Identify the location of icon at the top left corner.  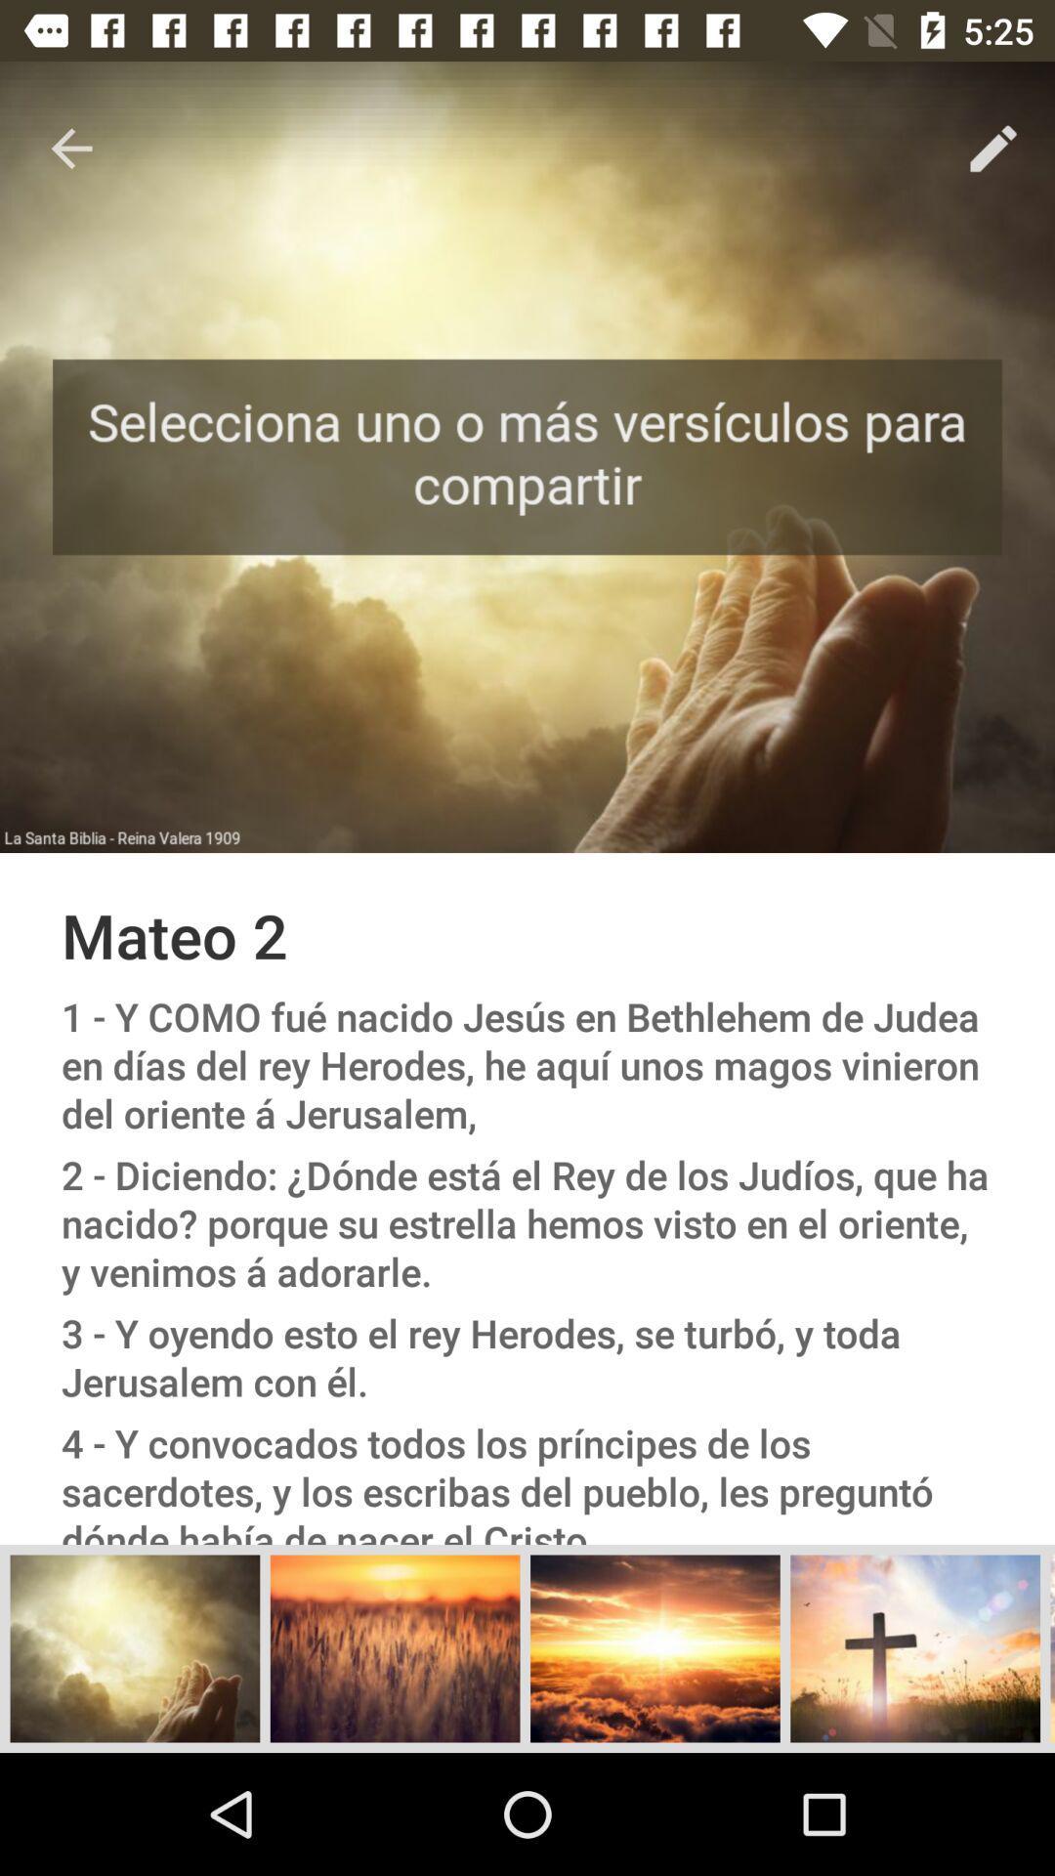
(70, 148).